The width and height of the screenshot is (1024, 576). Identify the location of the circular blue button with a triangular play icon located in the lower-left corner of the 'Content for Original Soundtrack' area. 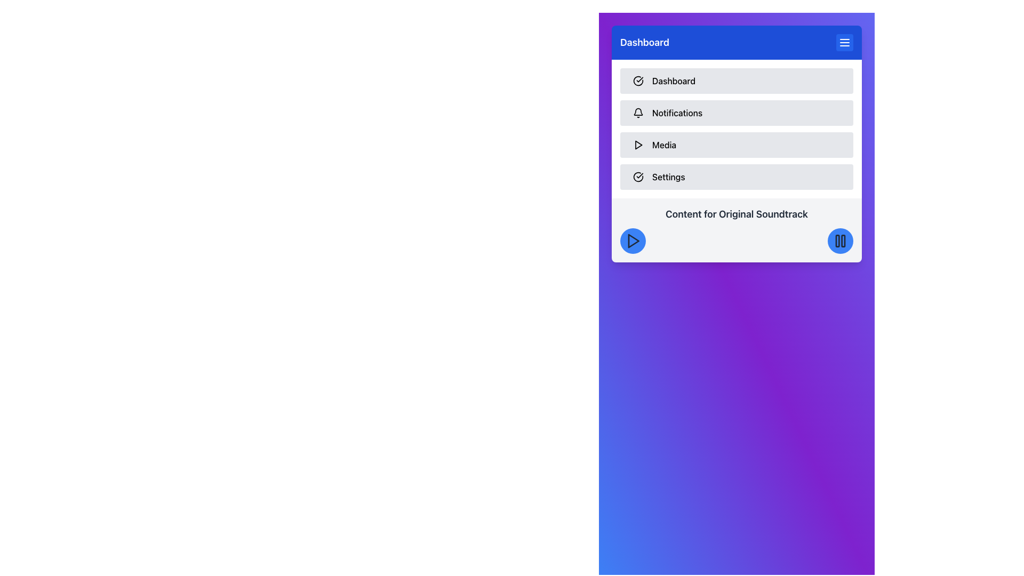
(633, 241).